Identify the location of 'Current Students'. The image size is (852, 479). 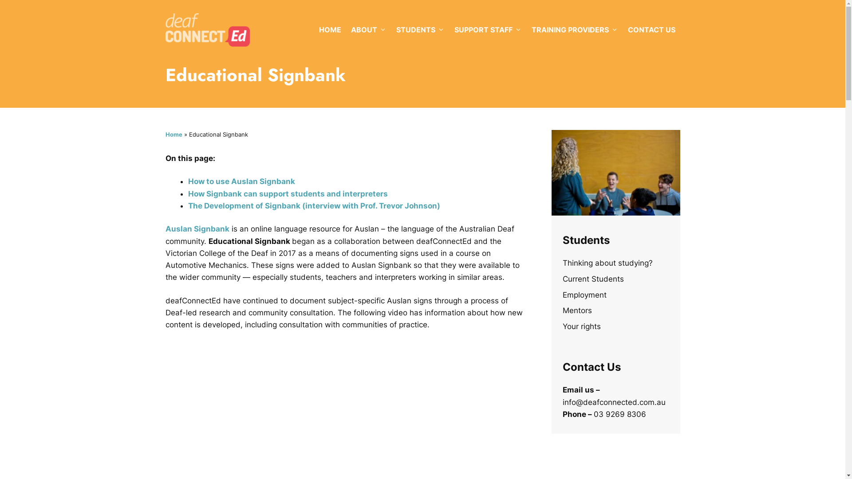
(562, 278).